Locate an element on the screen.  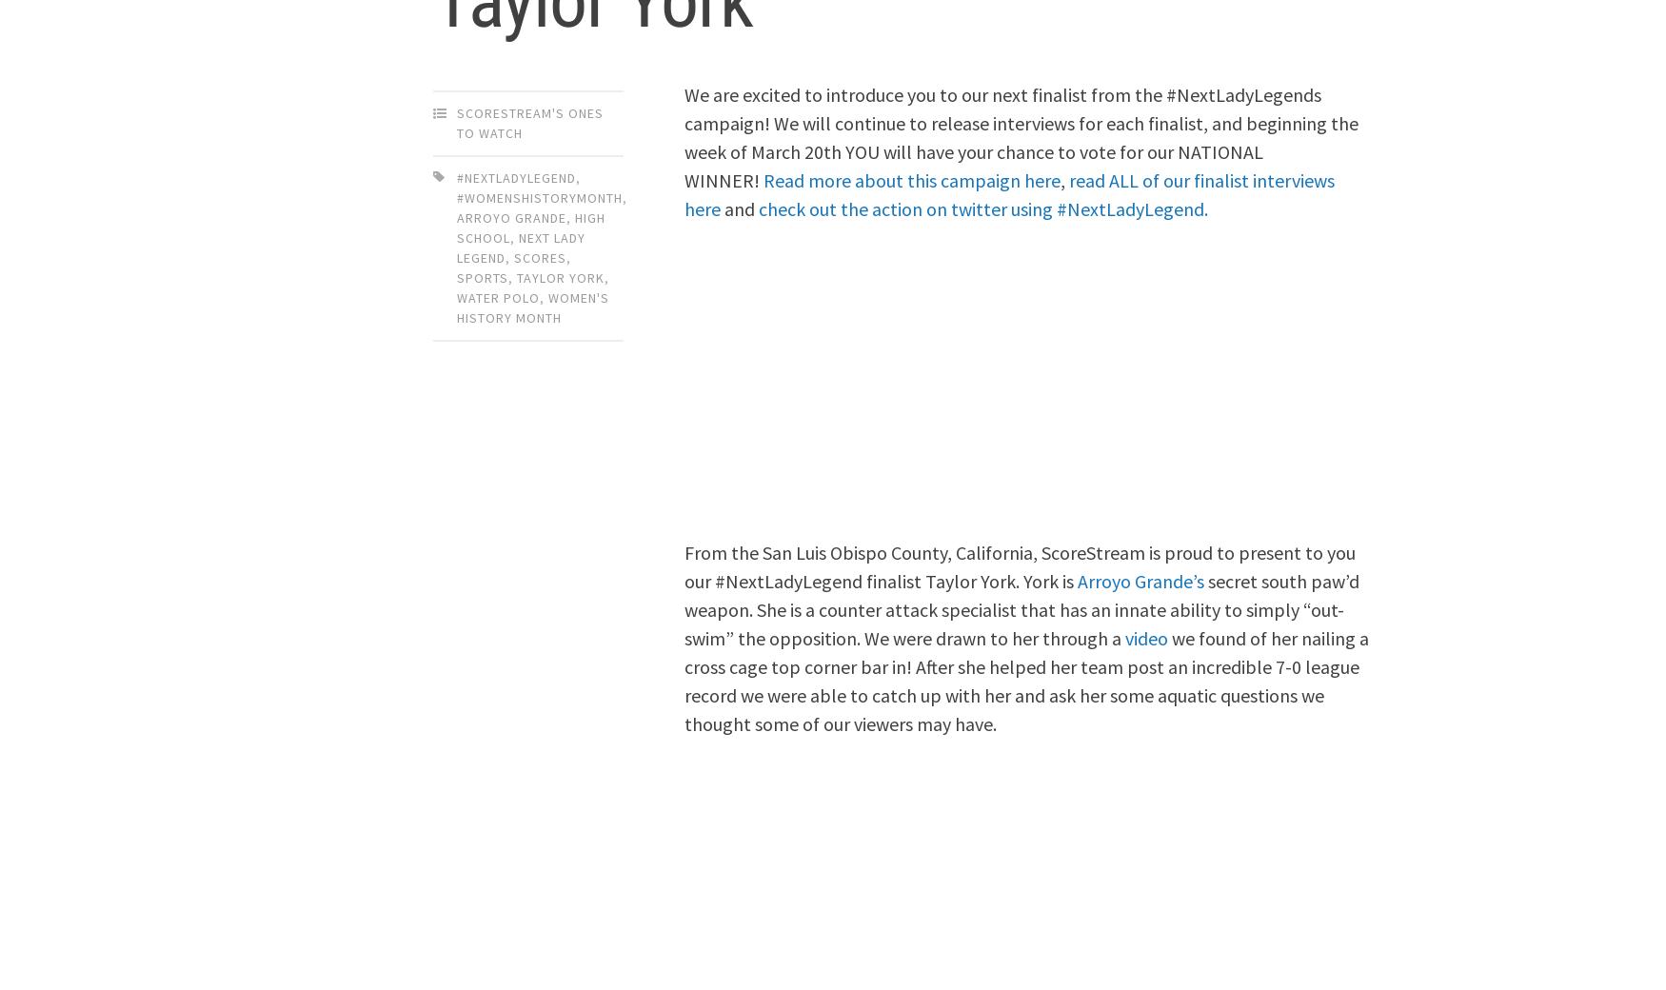
'Arroyo Grande’s' is located at coordinates (1140, 579).